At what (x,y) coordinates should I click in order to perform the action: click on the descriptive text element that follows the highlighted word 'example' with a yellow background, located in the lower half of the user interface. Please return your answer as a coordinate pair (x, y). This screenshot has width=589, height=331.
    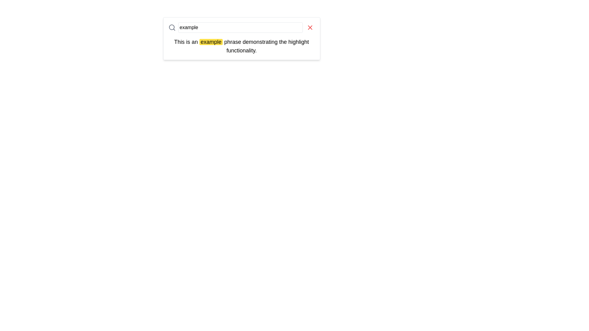
    Looking at the image, I should click on (266, 46).